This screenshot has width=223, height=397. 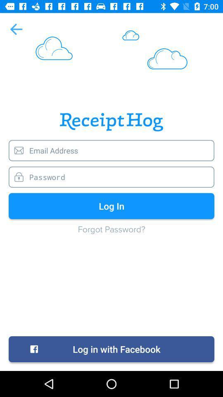 I want to click on the arrow_backward icon, so click(x=16, y=29).